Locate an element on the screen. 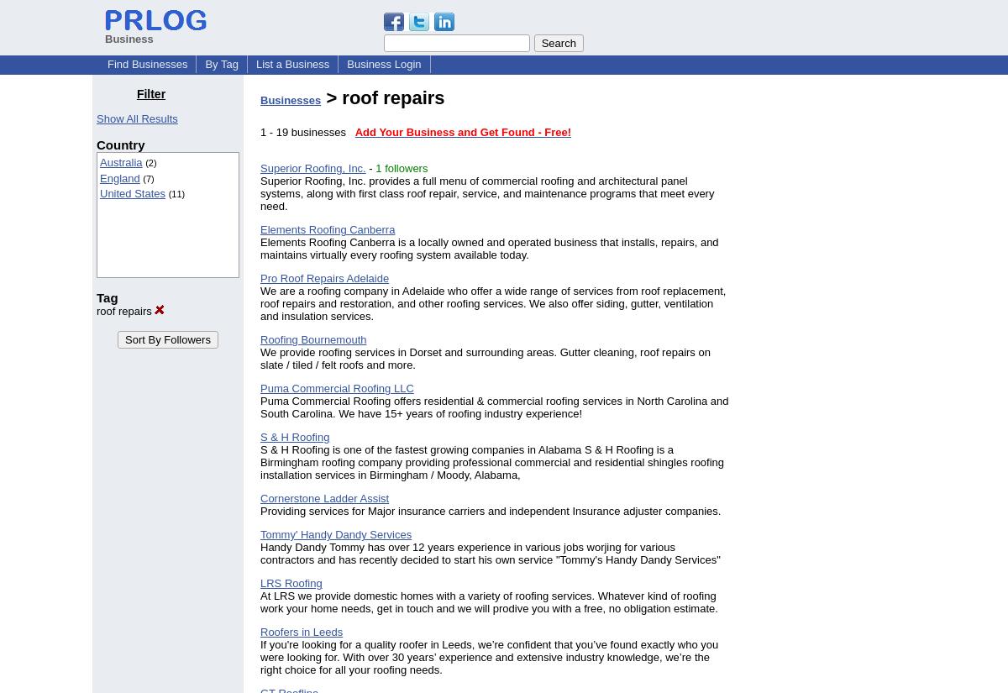  'Show All Results' is located at coordinates (135, 118).